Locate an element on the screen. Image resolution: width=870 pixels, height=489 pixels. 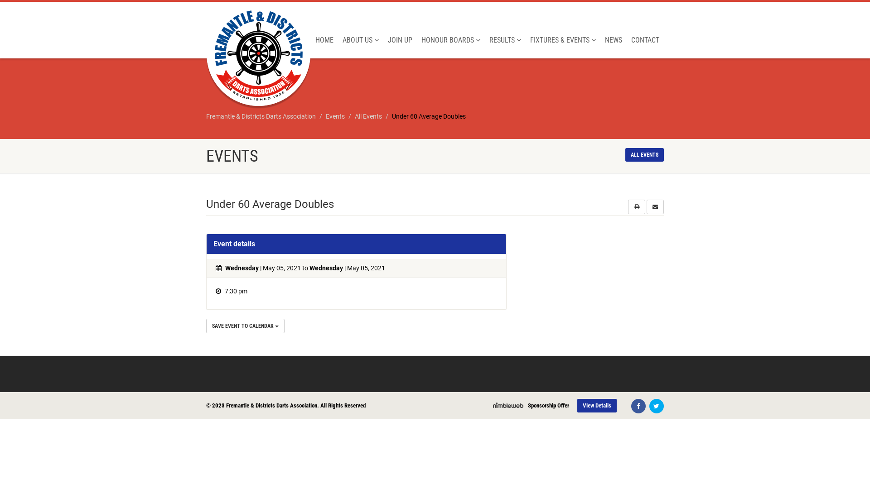
'HOME' is located at coordinates (315, 39).